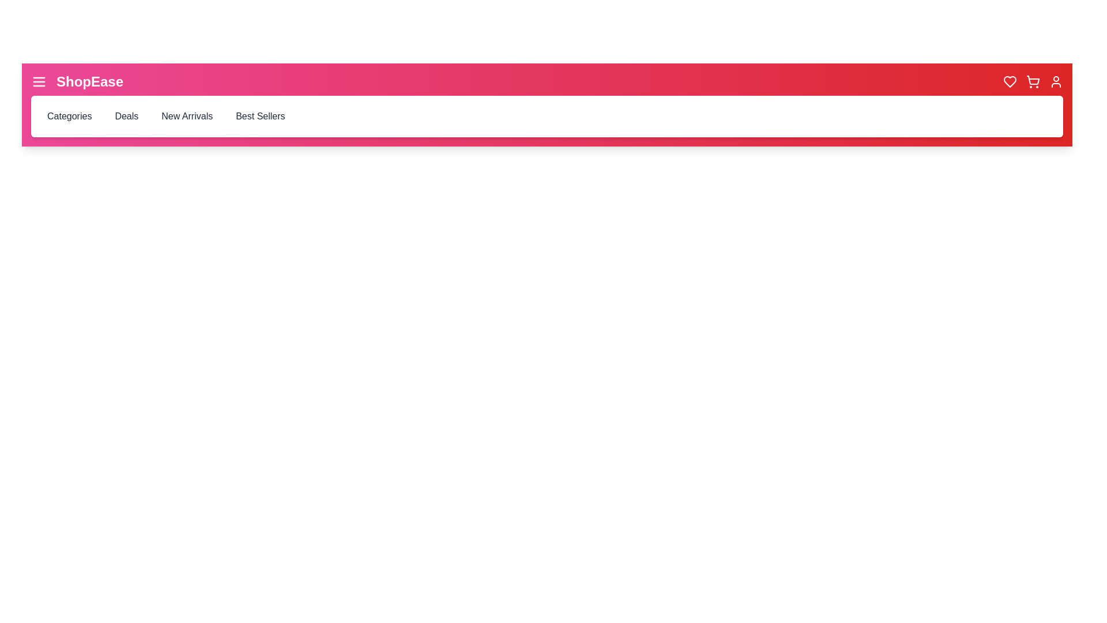  Describe the element at coordinates (259, 116) in the screenshot. I see `the 'Best Sellers' navigation item in the navigation bar` at that location.